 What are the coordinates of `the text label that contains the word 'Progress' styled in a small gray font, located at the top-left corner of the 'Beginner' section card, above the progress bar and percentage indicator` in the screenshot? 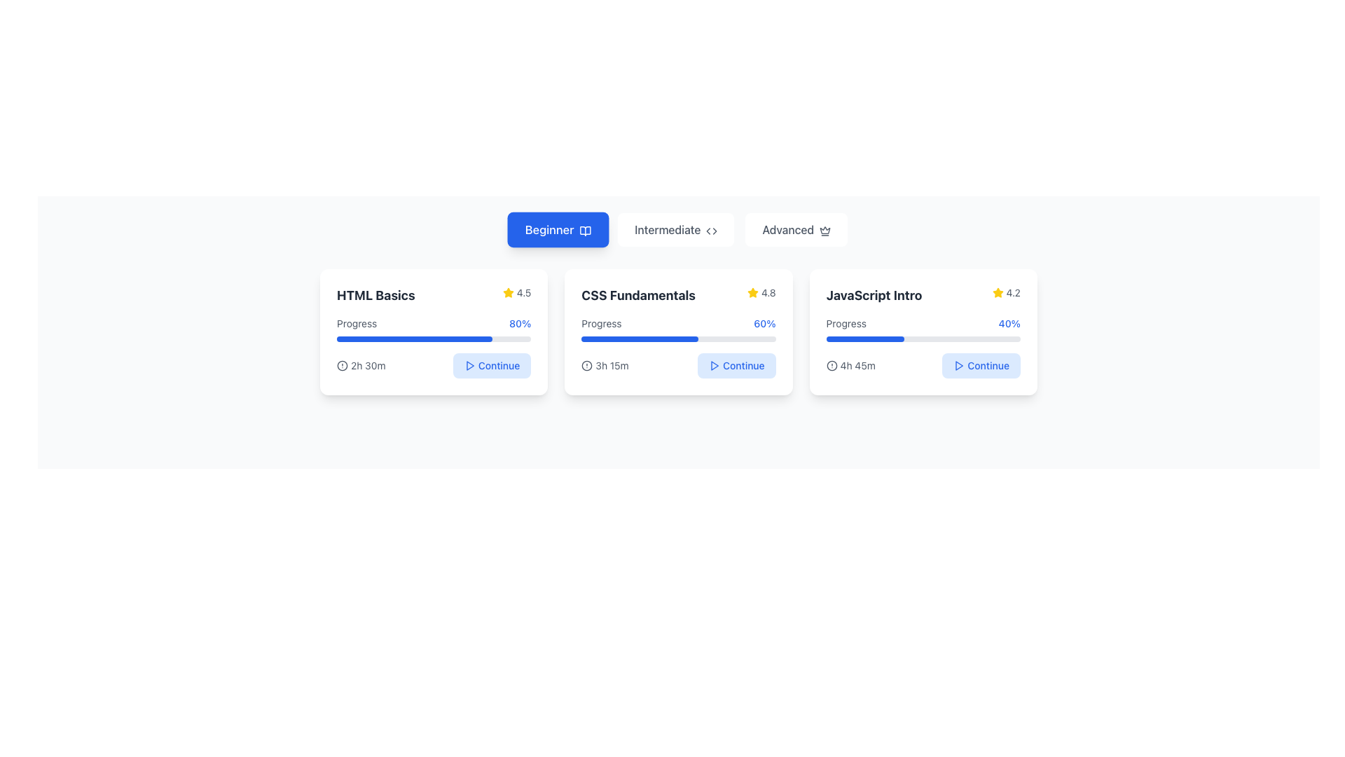 It's located at (357, 324).